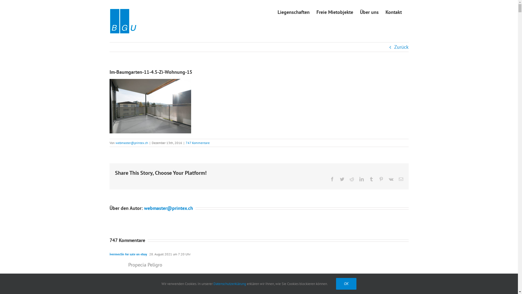  Describe the element at coordinates (332, 179) in the screenshot. I see `'Facebook'` at that location.